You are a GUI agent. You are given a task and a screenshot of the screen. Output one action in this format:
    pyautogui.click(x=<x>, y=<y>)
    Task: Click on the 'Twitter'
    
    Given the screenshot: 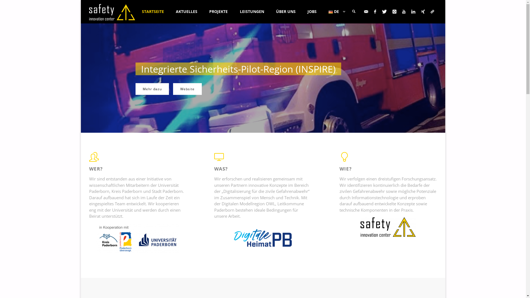 What is the action you would take?
    pyautogui.click(x=379, y=12)
    